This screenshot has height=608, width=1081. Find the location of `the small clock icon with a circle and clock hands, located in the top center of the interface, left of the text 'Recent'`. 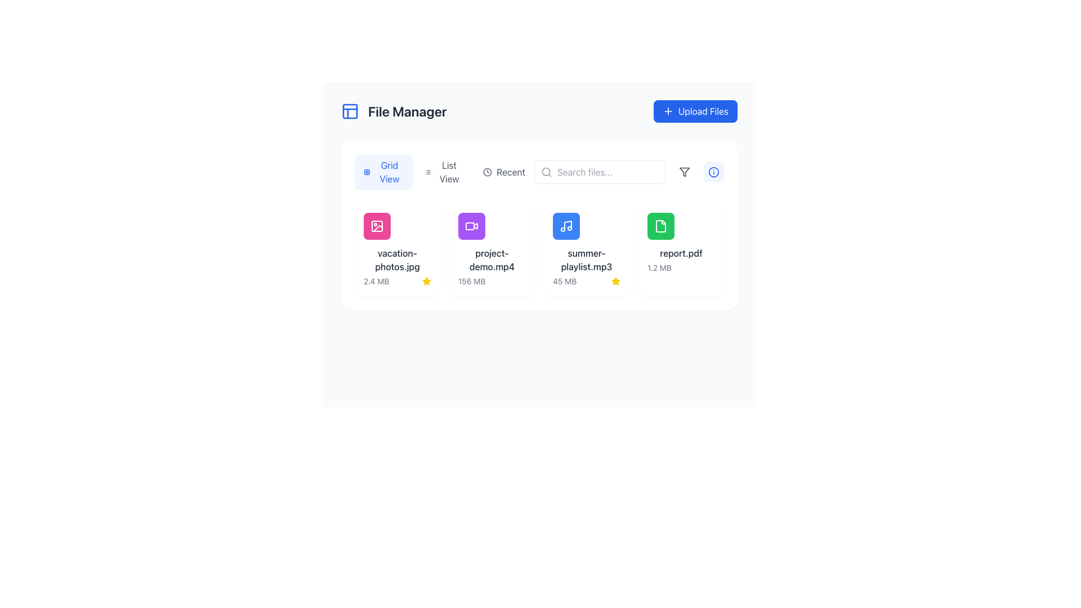

the small clock icon with a circle and clock hands, located in the top center of the interface, left of the text 'Recent' is located at coordinates (488, 172).